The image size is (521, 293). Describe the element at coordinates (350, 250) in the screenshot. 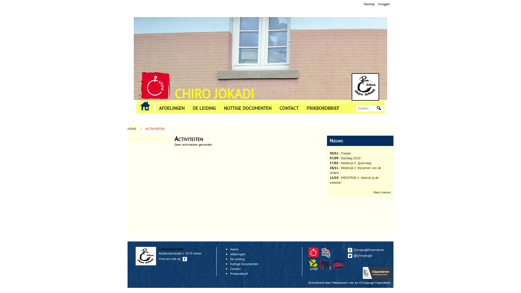

I see `'Facebook'` at that location.